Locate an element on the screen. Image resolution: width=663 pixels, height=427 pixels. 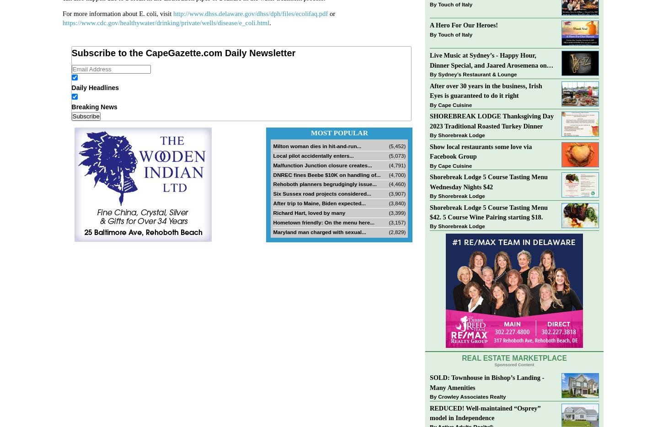
'(4,460)' is located at coordinates (396, 183).